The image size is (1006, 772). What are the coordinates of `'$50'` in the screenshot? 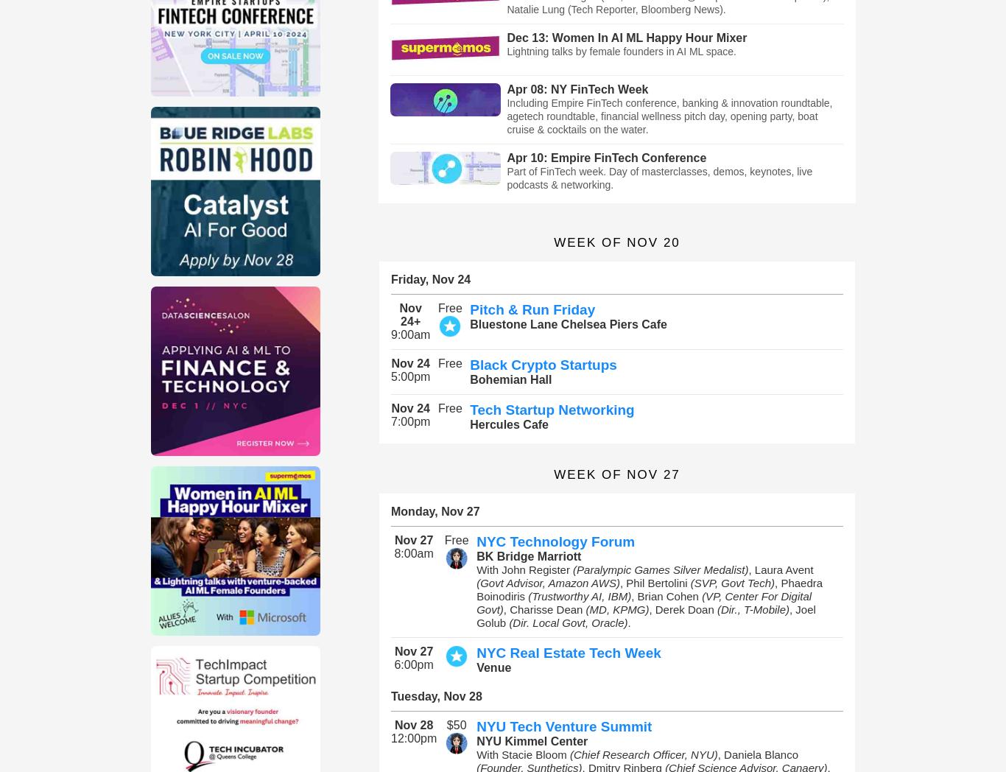 It's located at (455, 724).